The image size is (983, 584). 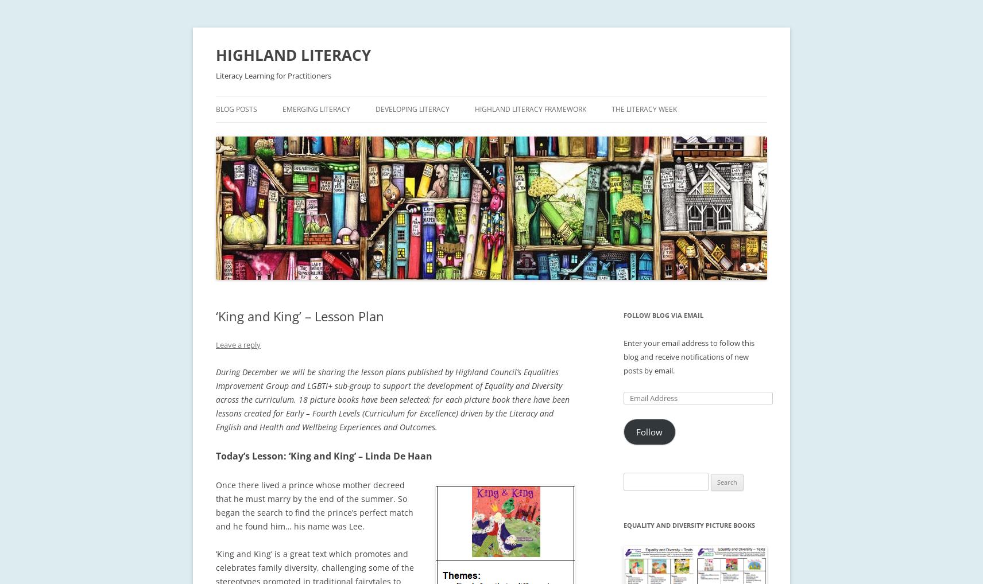 I want to click on 'HIGHLAND LITERACY', so click(x=215, y=54).